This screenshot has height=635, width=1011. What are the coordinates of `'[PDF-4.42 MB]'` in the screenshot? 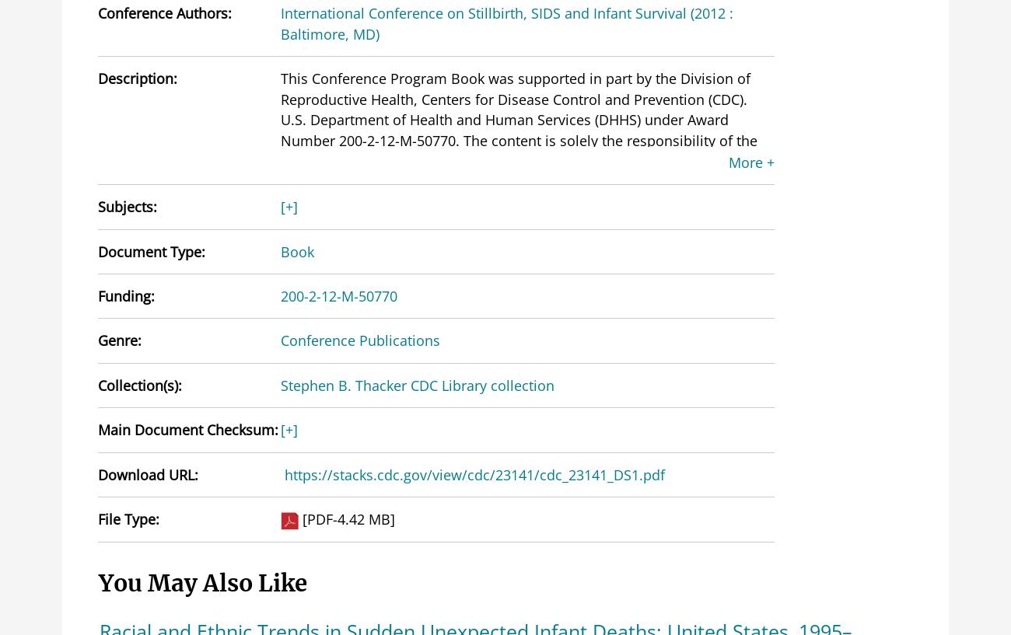 It's located at (302, 518).